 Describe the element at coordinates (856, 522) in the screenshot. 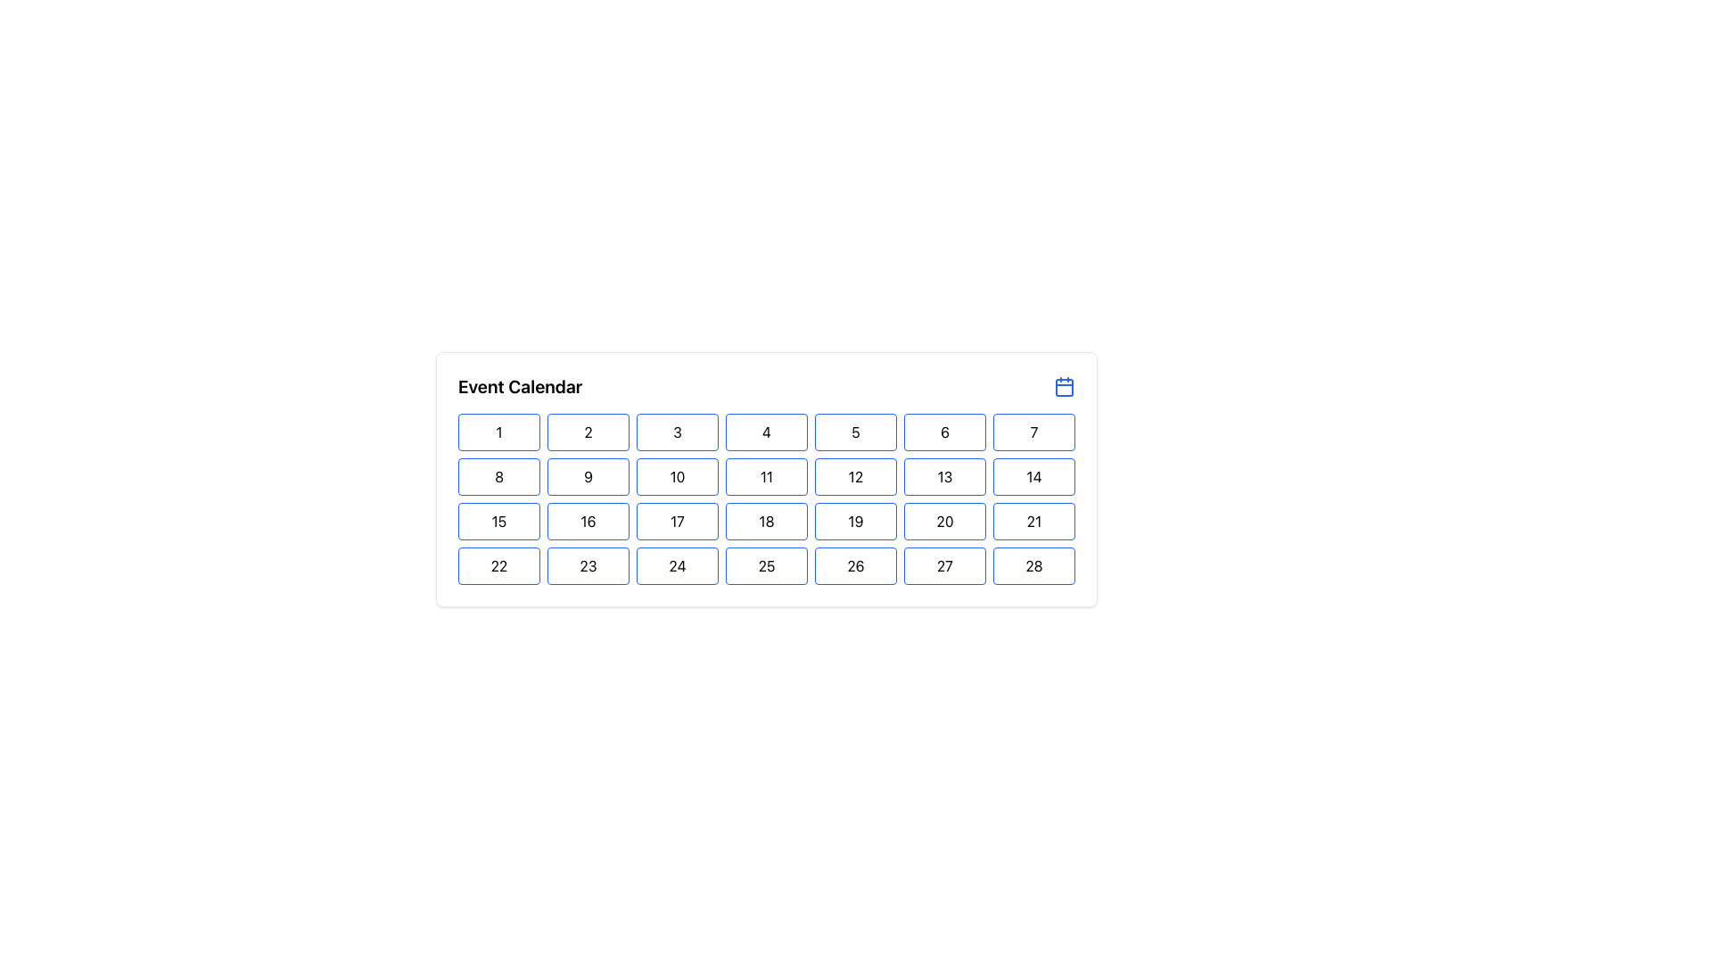

I see `the button representing the date '19' in the calendar interface` at that location.